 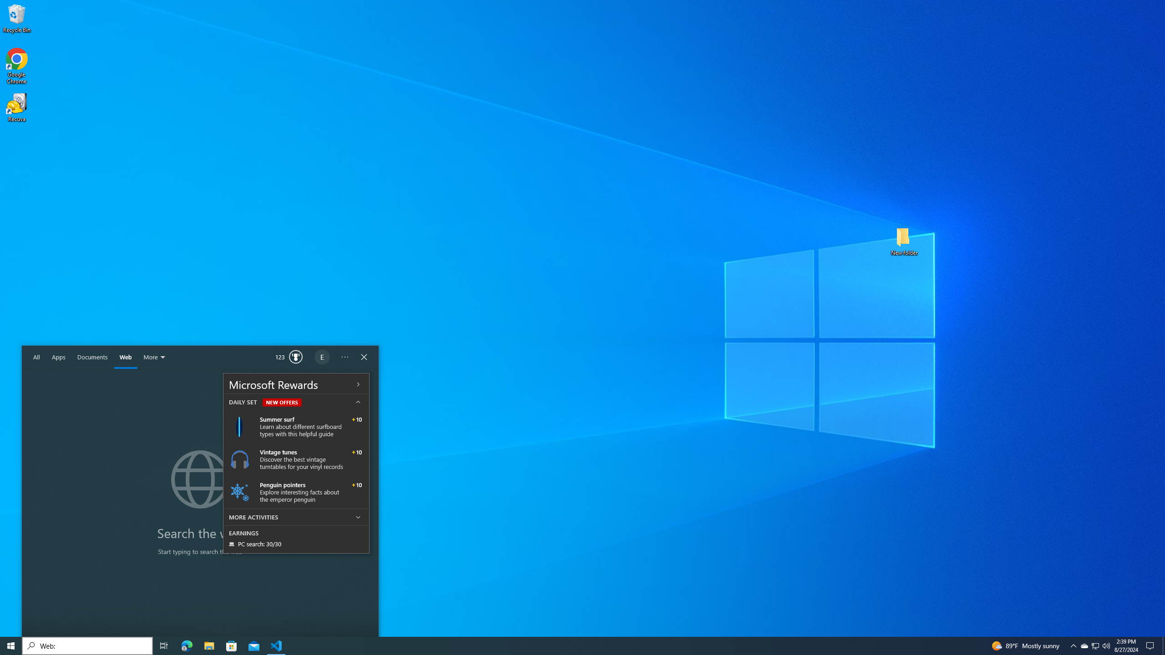 What do you see at coordinates (296, 401) in the screenshot?
I see `'DAILY SET NEW OFFERS'` at bounding box center [296, 401].